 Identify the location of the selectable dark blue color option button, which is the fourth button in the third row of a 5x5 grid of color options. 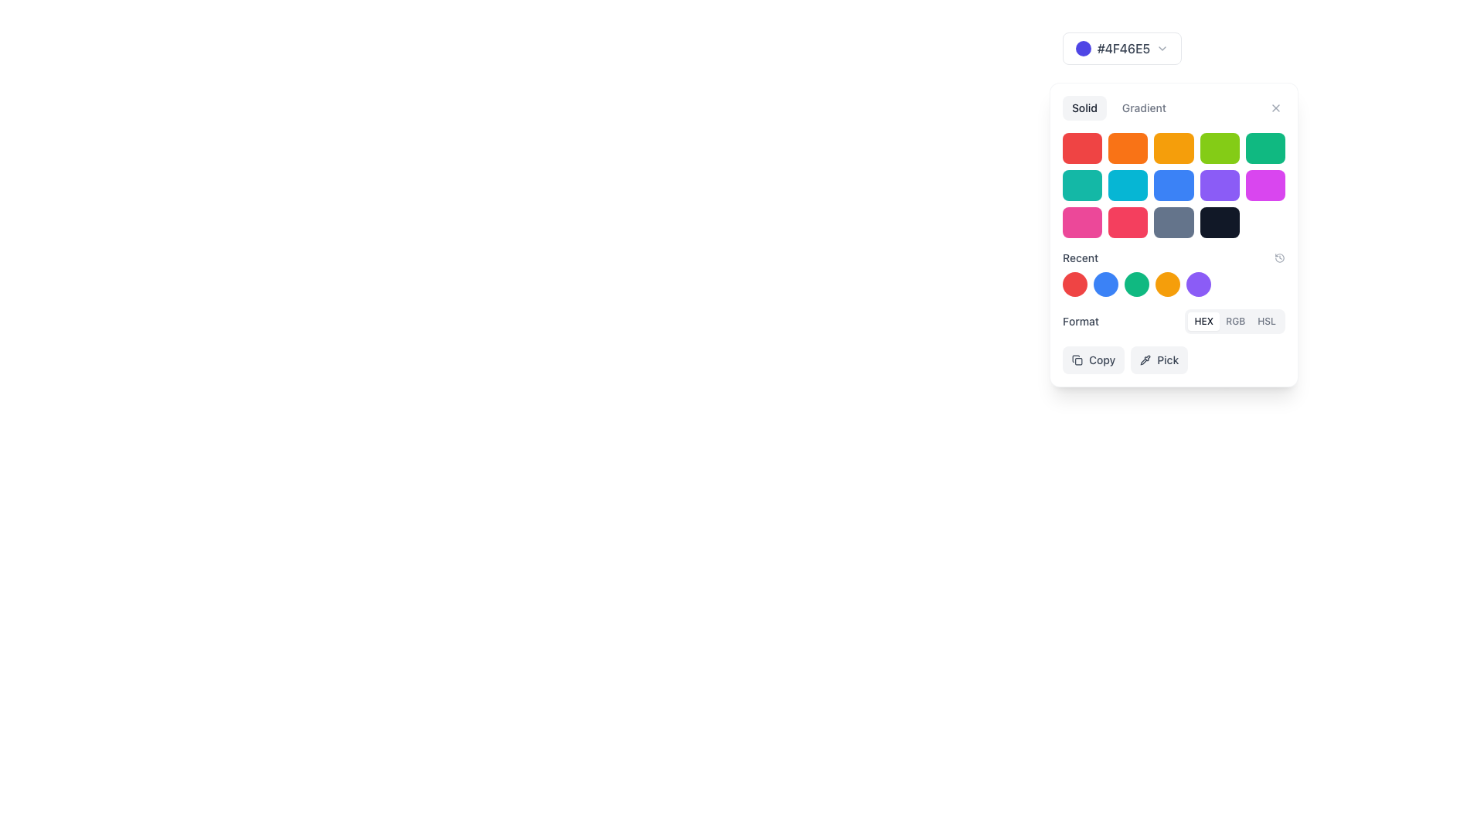
(1173, 235).